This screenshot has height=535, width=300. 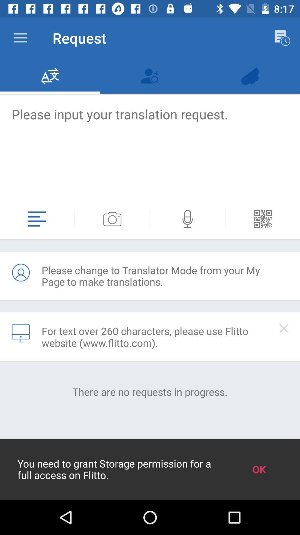 I want to click on icon below please input your app, so click(x=262, y=219).